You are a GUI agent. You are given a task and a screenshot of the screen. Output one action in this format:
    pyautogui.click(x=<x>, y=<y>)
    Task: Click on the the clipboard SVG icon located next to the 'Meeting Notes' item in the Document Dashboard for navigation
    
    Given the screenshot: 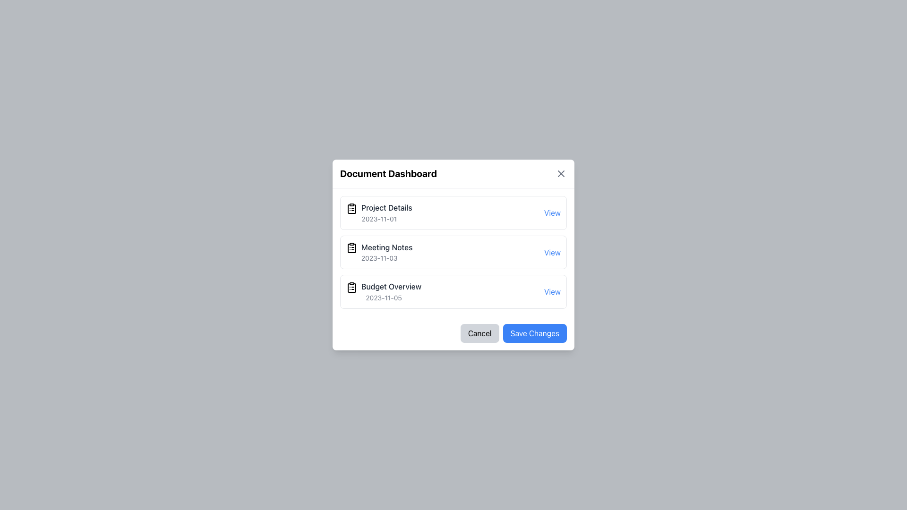 What is the action you would take?
    pyautogui.click(x=351, y=247)
    